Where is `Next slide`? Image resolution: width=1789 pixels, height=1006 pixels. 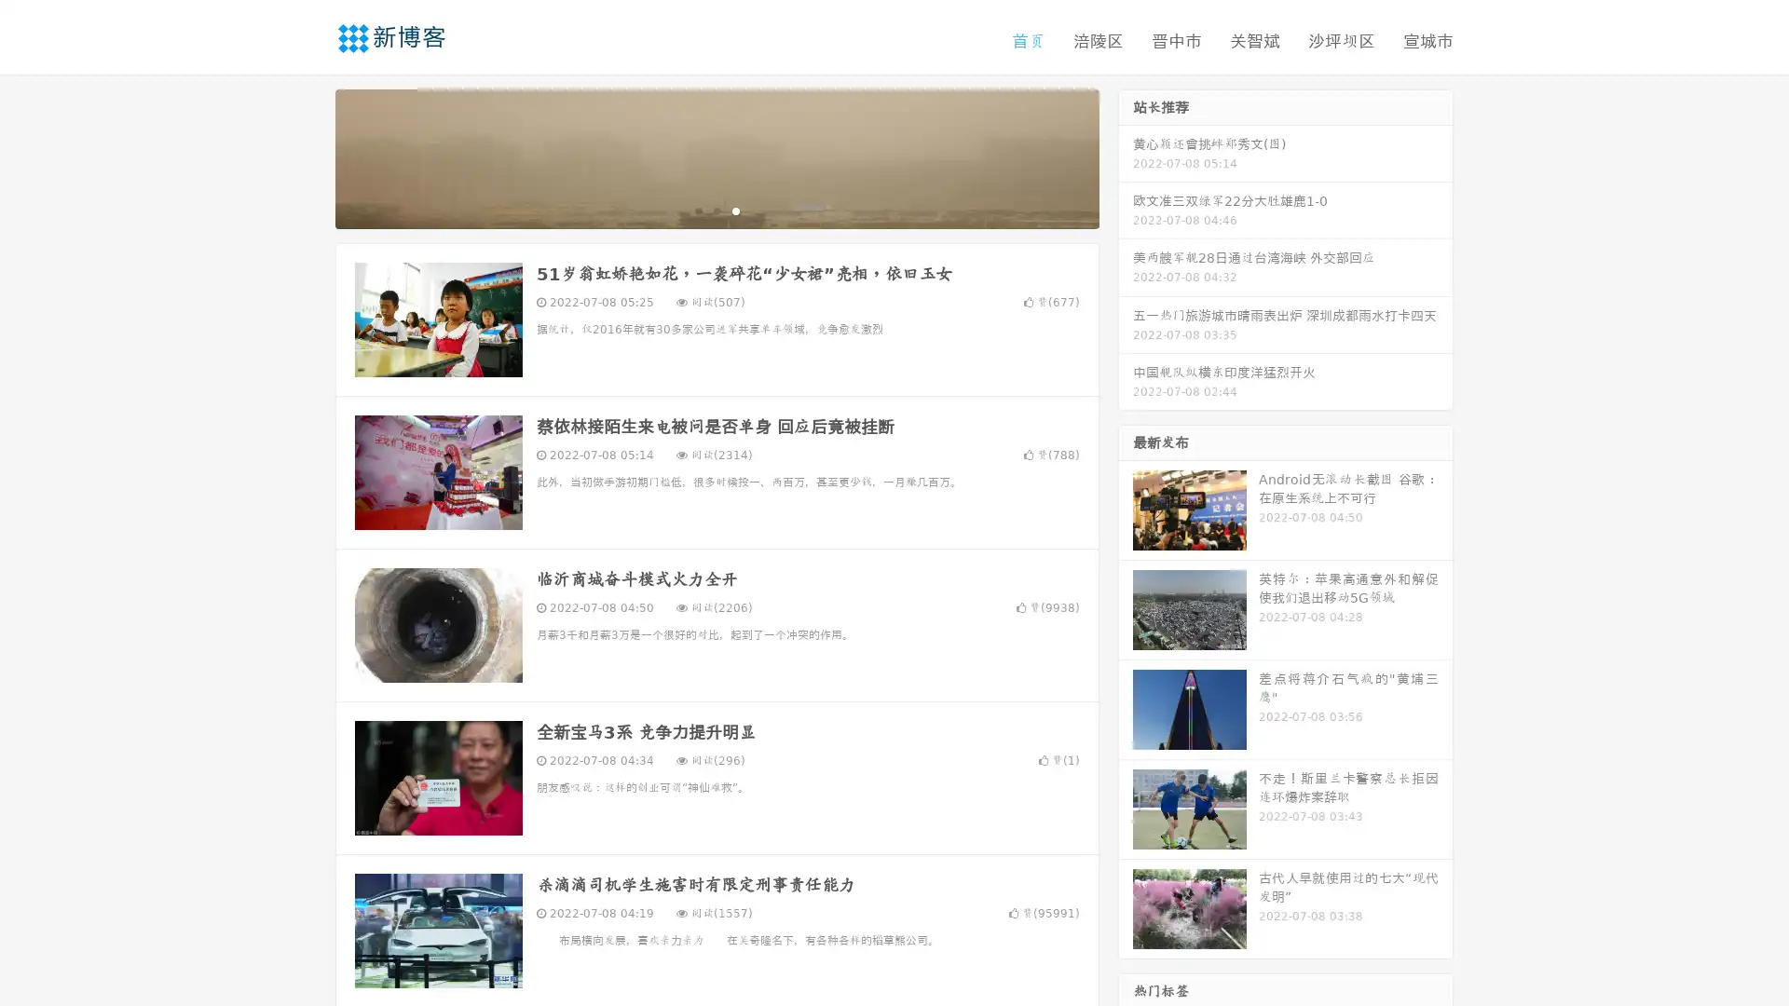
Next slide is located at coordinates (1126, 156).